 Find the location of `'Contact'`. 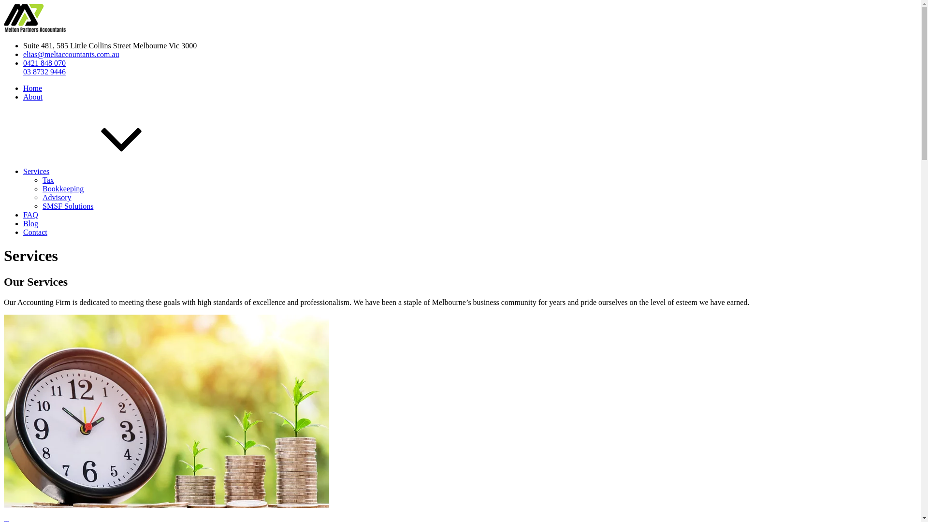

'Contact' is located at coordinates (35, 232).